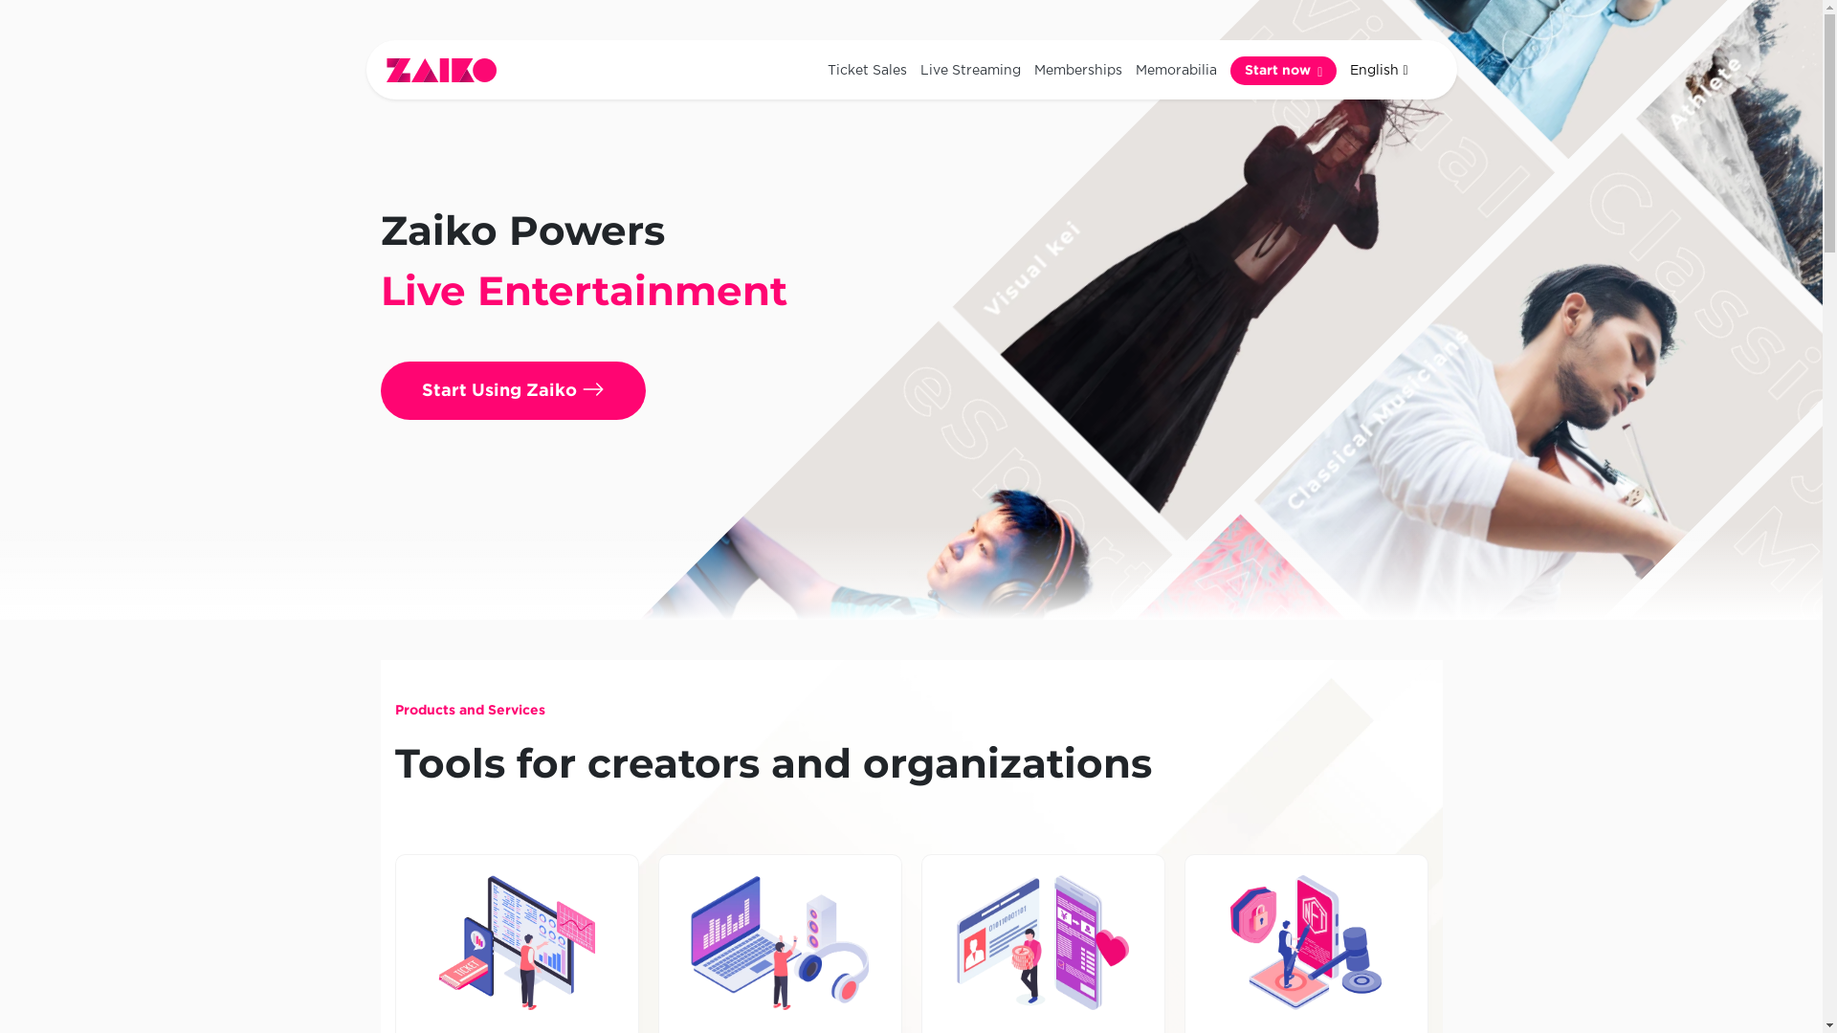  I want to click on 'Start Using Zaiko', so click(513, 389).